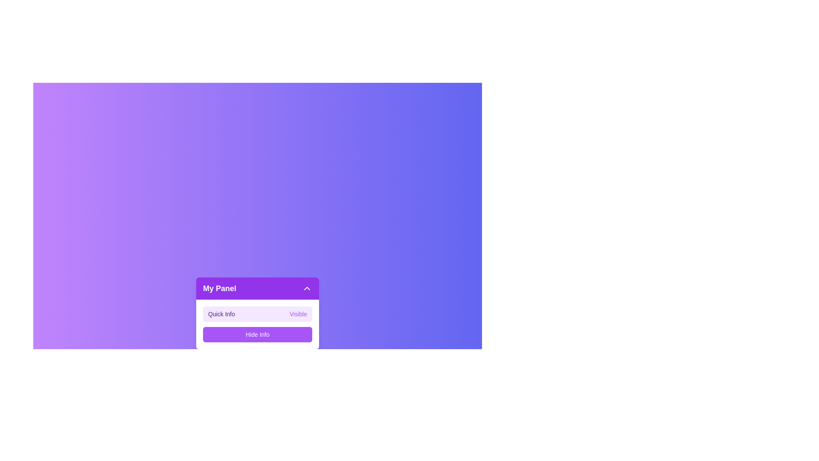 This screenshot has width=819, height=461. Describe the element at coordinates (257, 288) in the screenshot. I see `the header button labeled 'My Panel' to toggle the dropdown menu visibility` at that location.